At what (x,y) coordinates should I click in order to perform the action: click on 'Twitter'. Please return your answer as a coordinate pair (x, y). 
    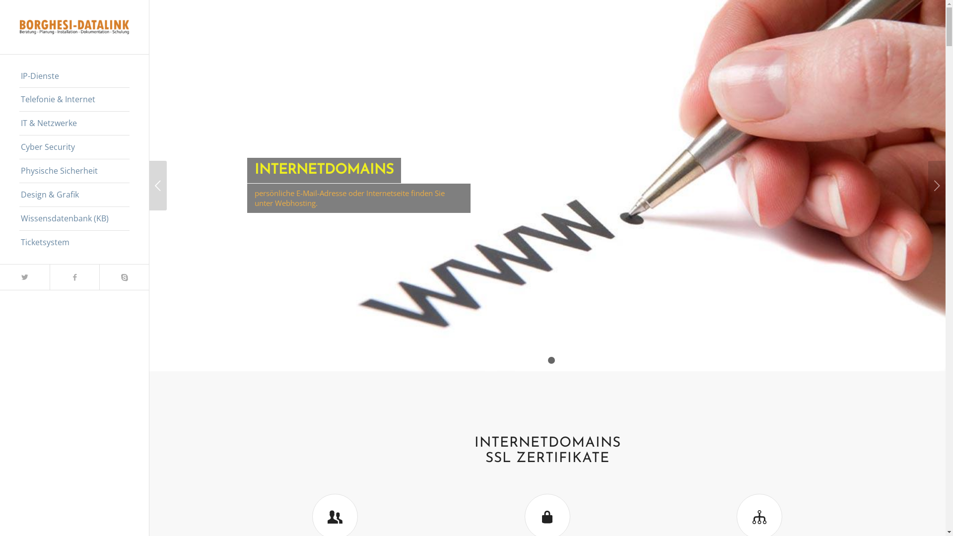
    Looking at the image, I should click on (24, 277).